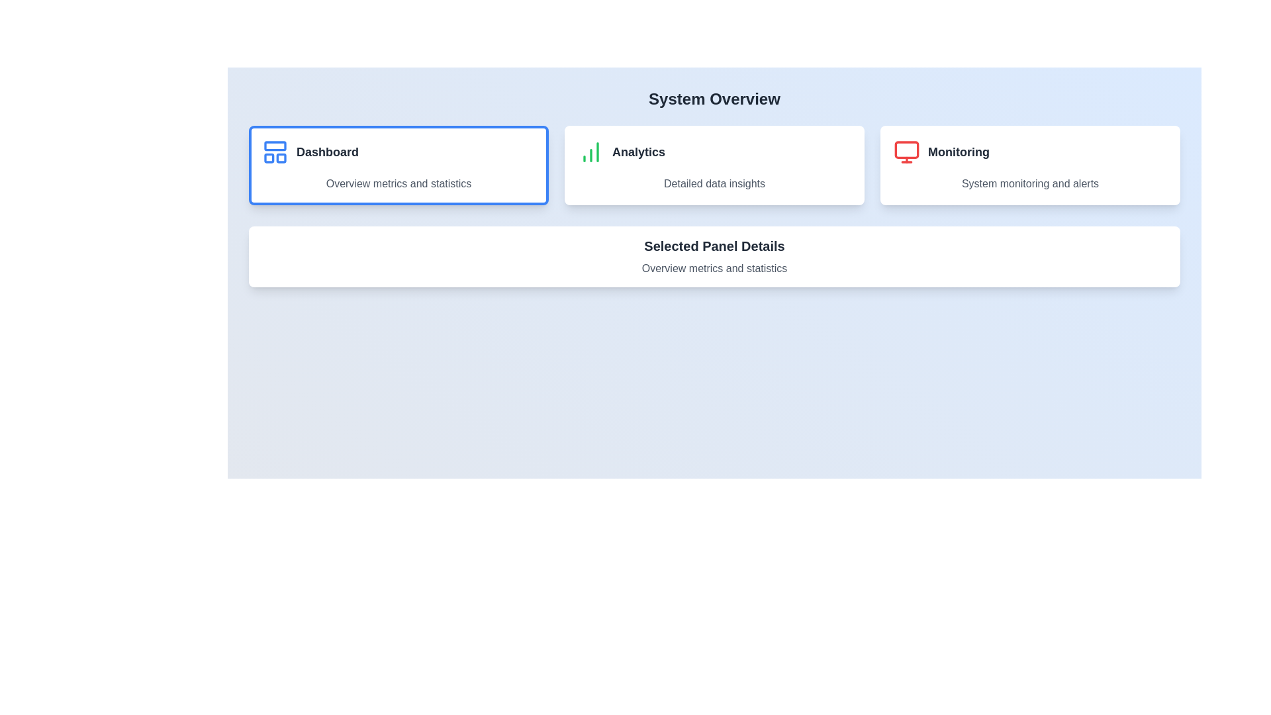 The width and height of the screenshot is (1271, 715). I want to click on the 'Analytics' label with a green column chart icon, located centrally in the middle panel of the layout, so click(714, 152).